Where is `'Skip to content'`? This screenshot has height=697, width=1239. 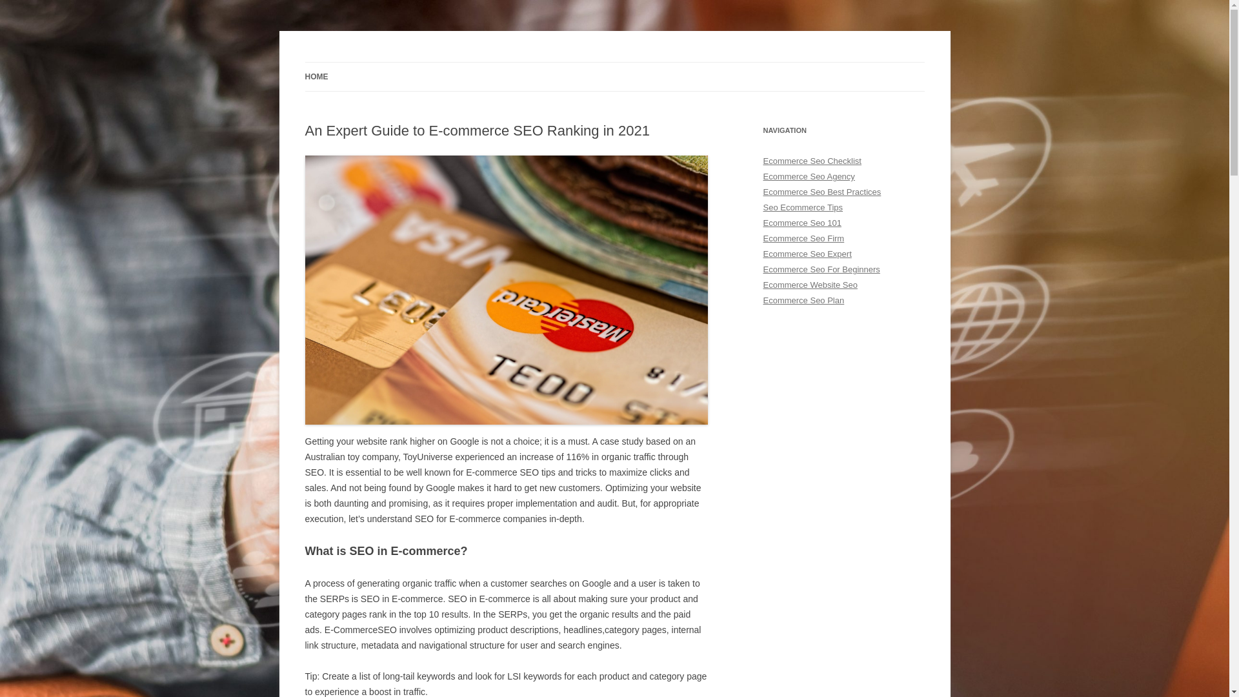 'Skip to content' is located at coordinates (614, 62).